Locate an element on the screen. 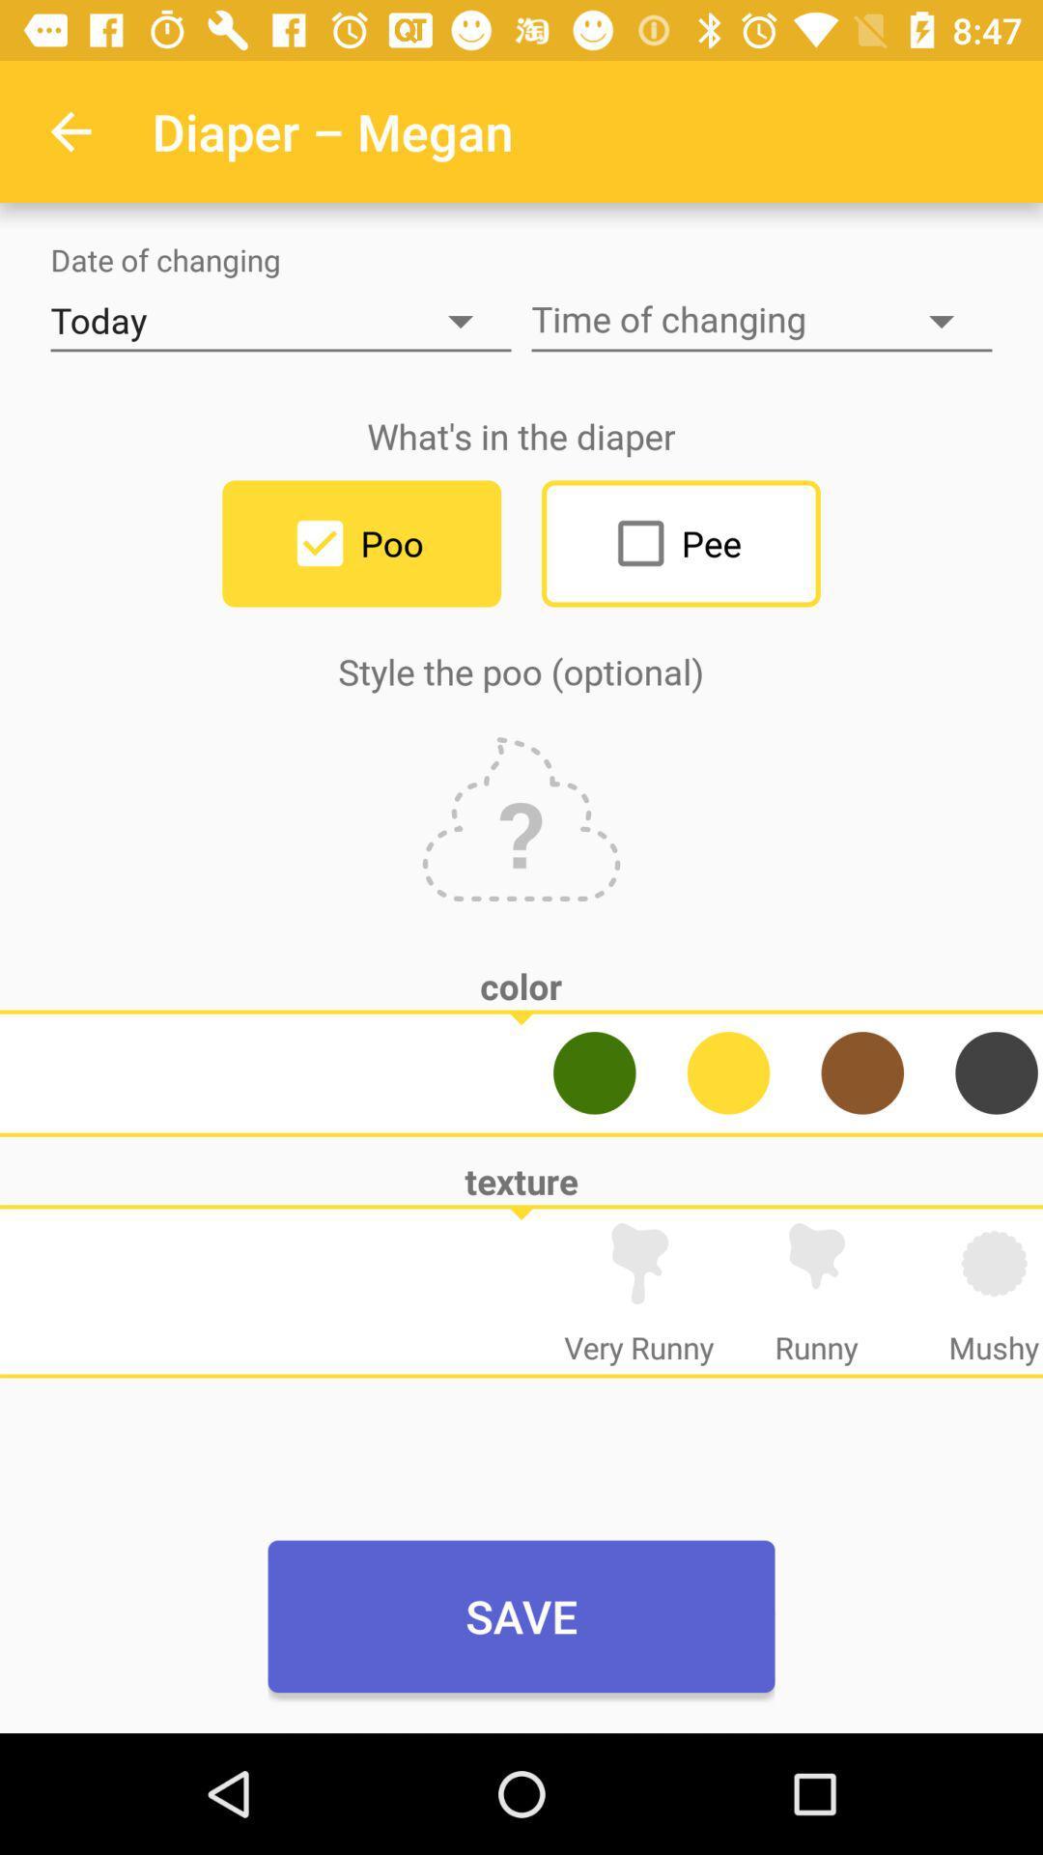 The image size is (1043, 1855). the diaper changing time is located at coordinates (761, 321).